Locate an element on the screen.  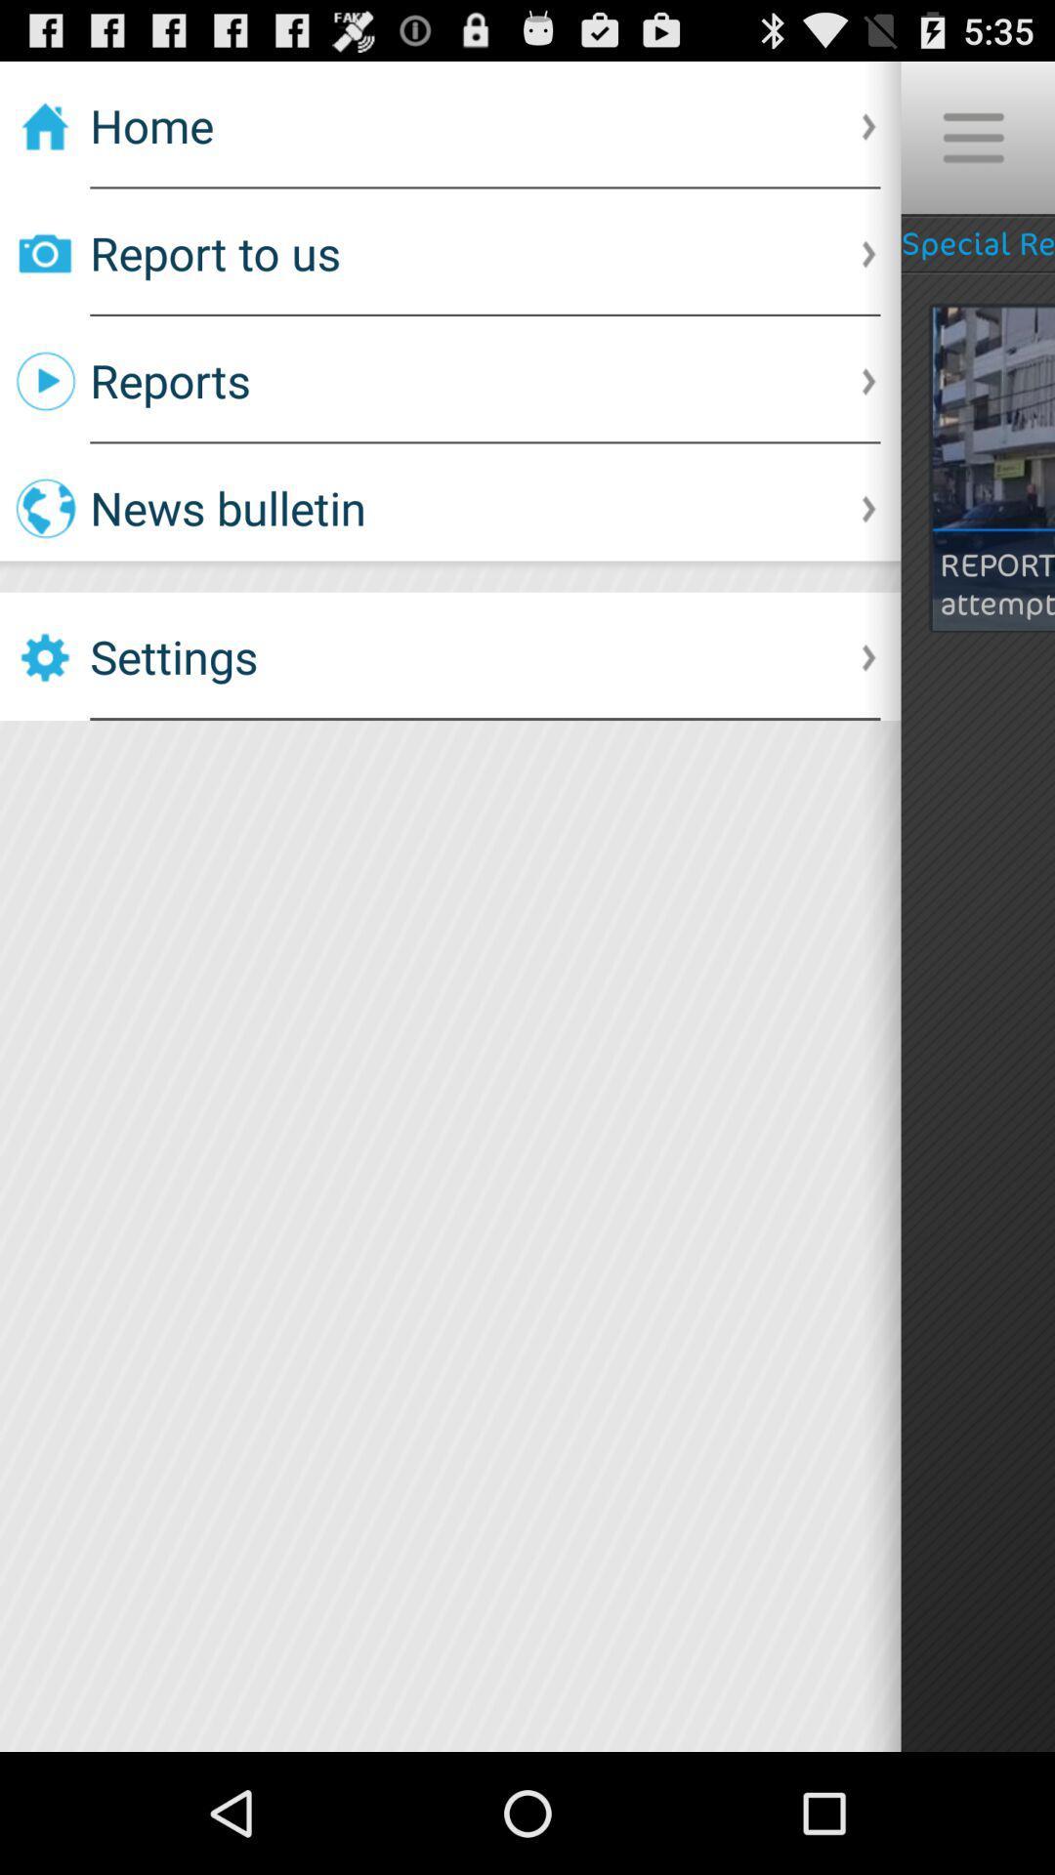
the menu icon is located at coordinates (972, 146).